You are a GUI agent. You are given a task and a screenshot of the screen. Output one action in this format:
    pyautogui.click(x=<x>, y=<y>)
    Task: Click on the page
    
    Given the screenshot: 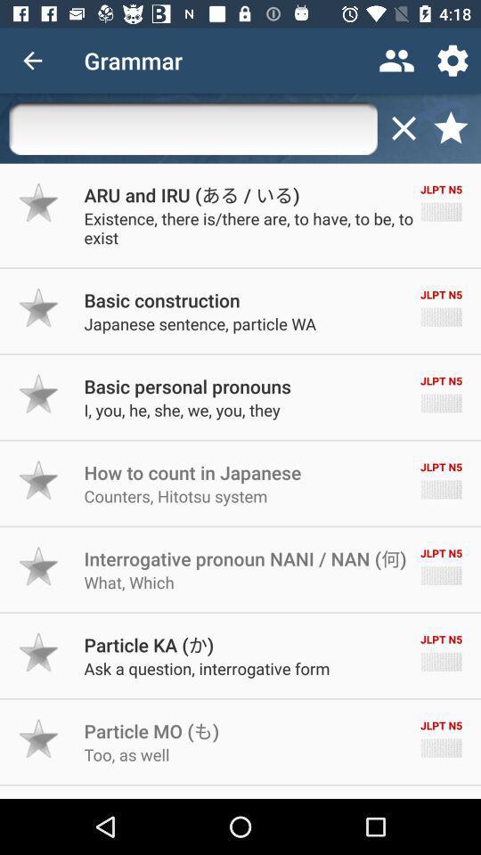 What is the action you would take?
    pyautogui.click(x=404, y=127)
    